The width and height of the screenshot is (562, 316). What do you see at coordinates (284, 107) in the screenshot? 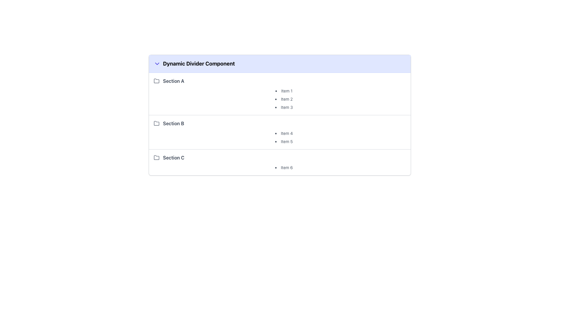
I see `text element labeled 'Item 3', which is styled in gray color and is the third item in the unordered list under 'Section A'` at bounding box center [284, 107].